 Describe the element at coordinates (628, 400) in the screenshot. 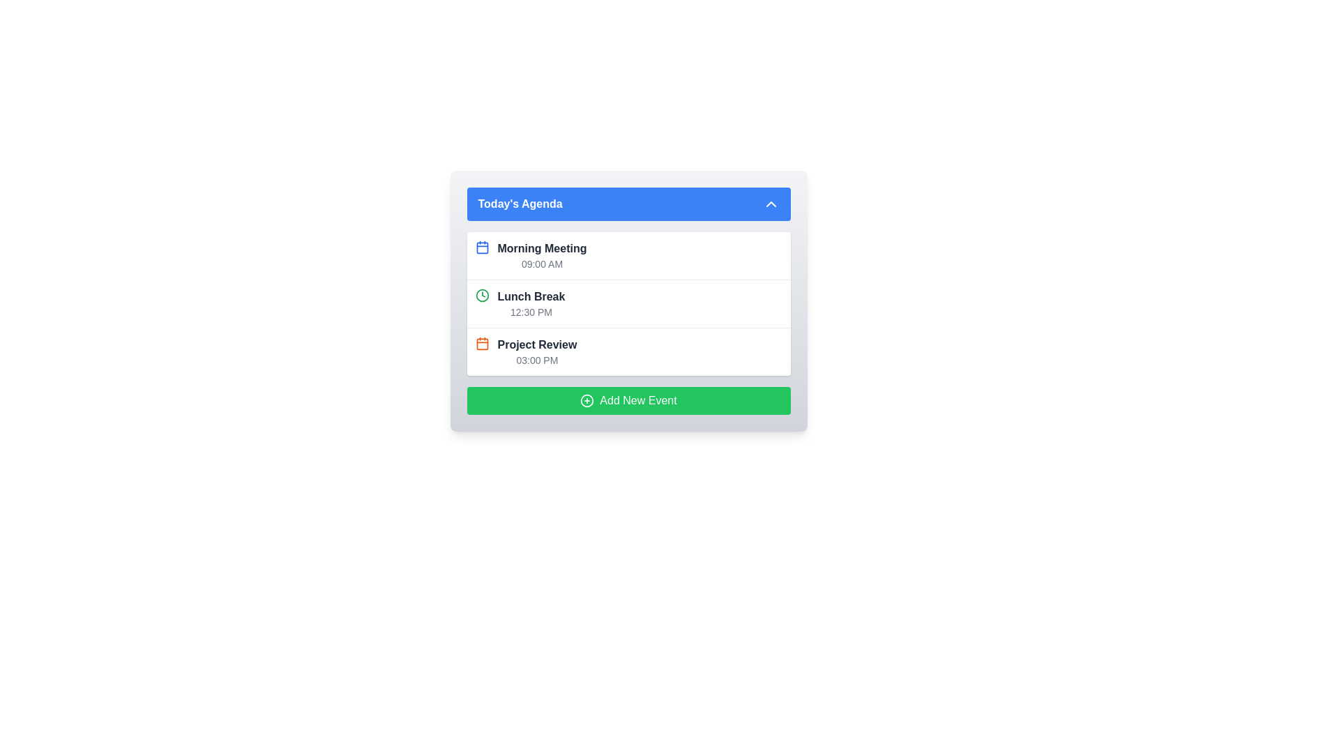

I see `the button at the bottom of the agenda card to observe the hover effect` at that location.